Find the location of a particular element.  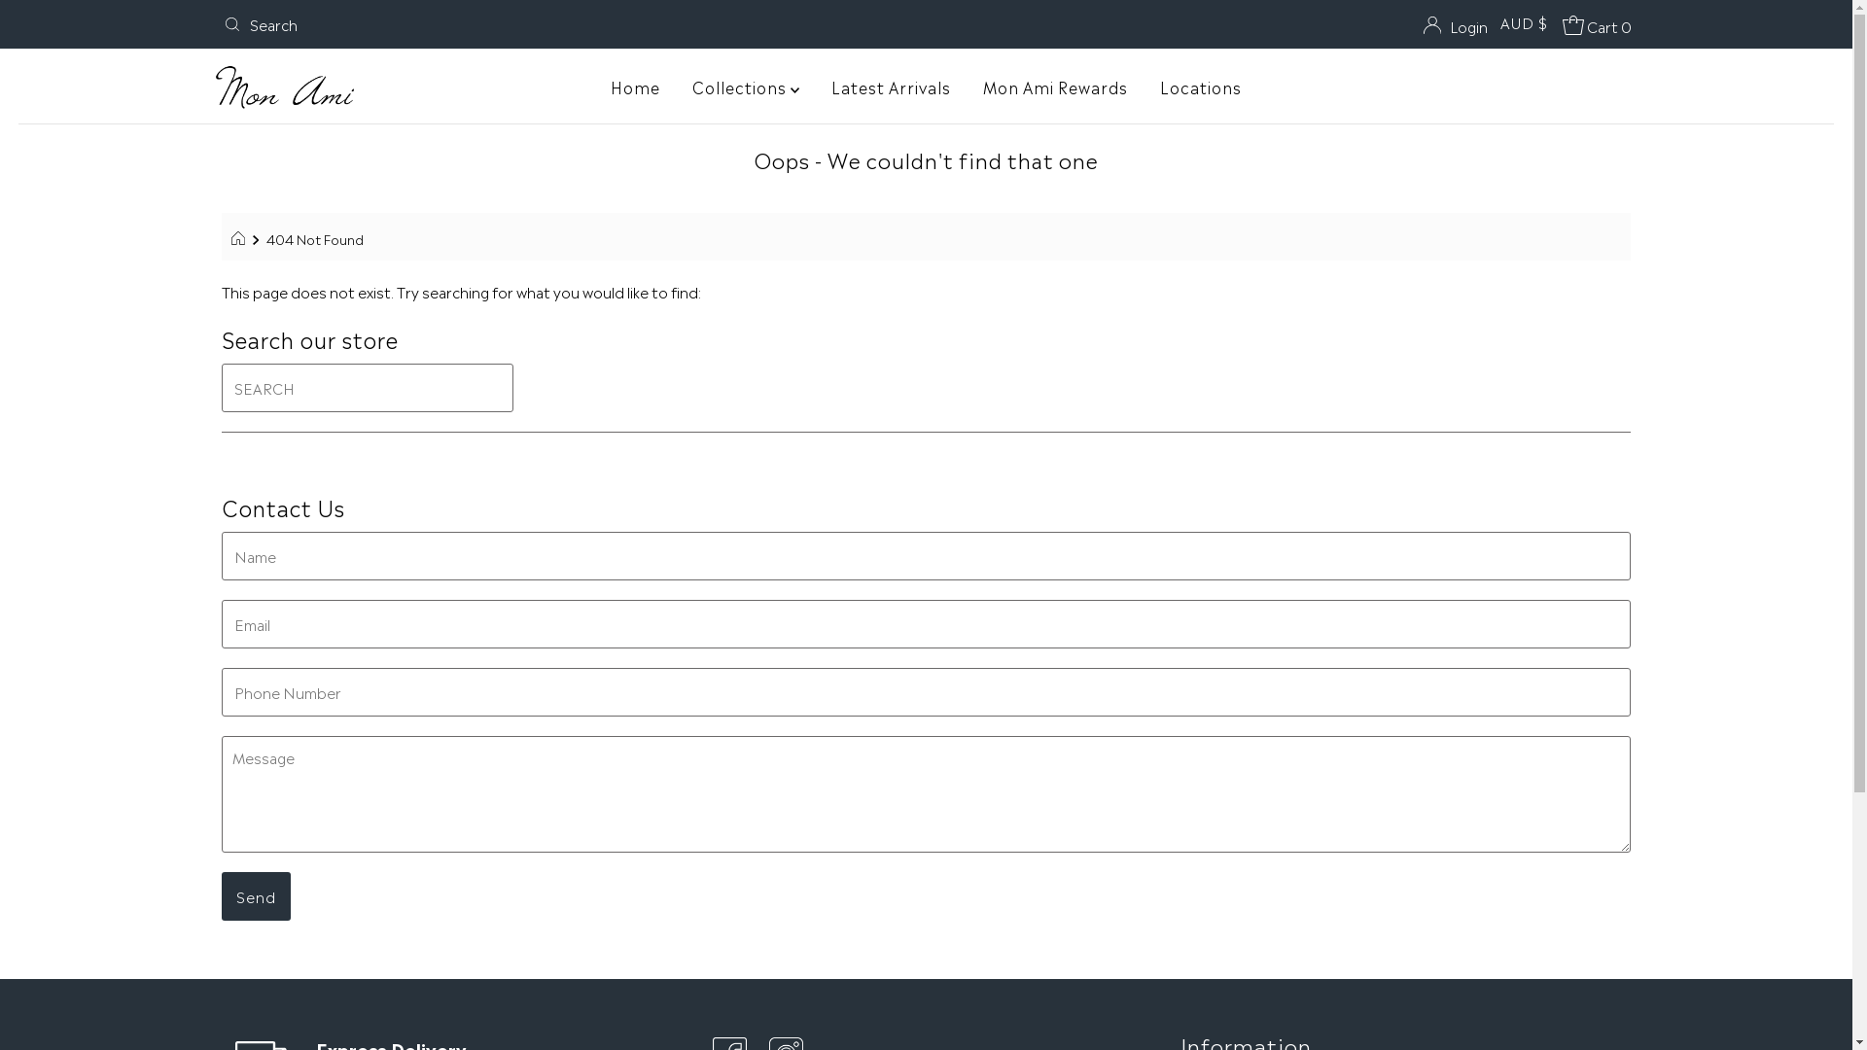

'Locations' is located at coordinates (1199, 85).